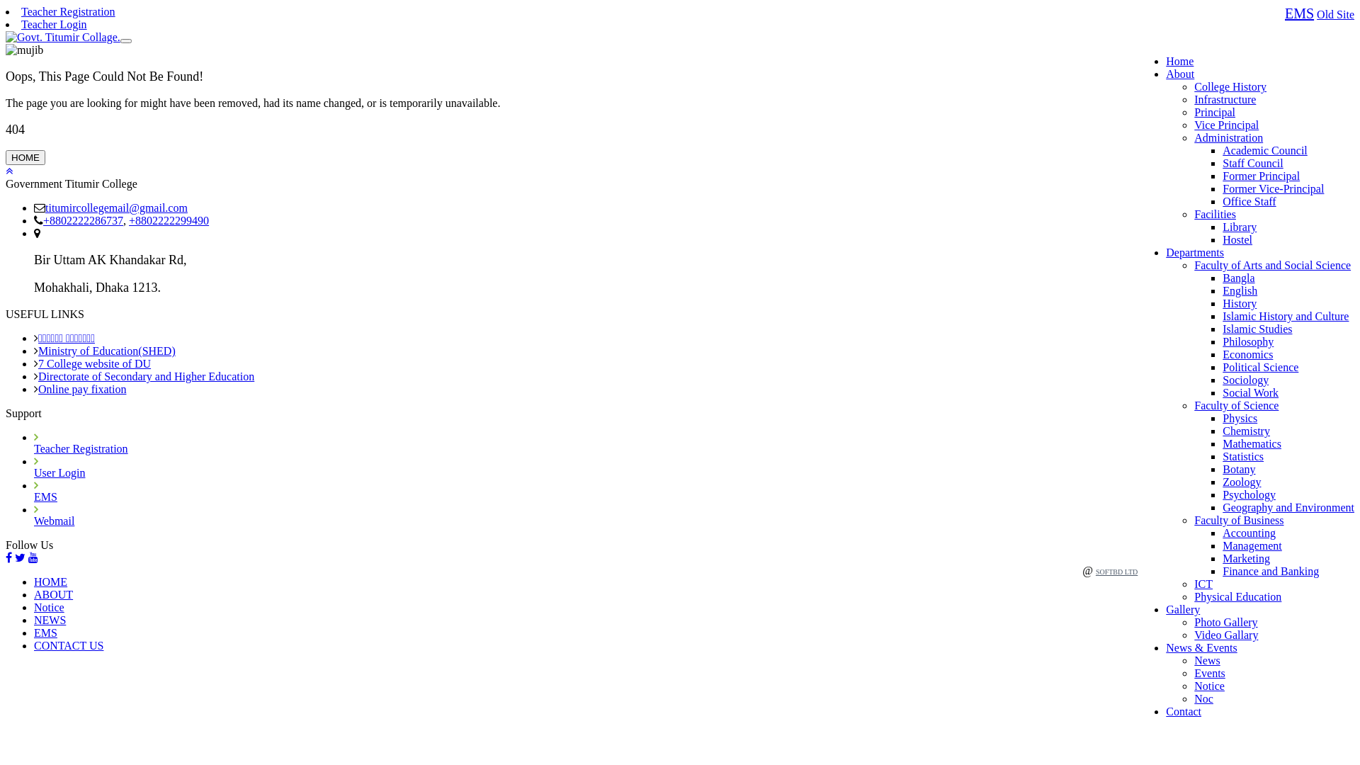 The width and height of the screenshot is (1360, 765). What do you see at coordinates (1239, 417) in the screenshot?
I see `'Physics'` at bounding box center [1239, 417].